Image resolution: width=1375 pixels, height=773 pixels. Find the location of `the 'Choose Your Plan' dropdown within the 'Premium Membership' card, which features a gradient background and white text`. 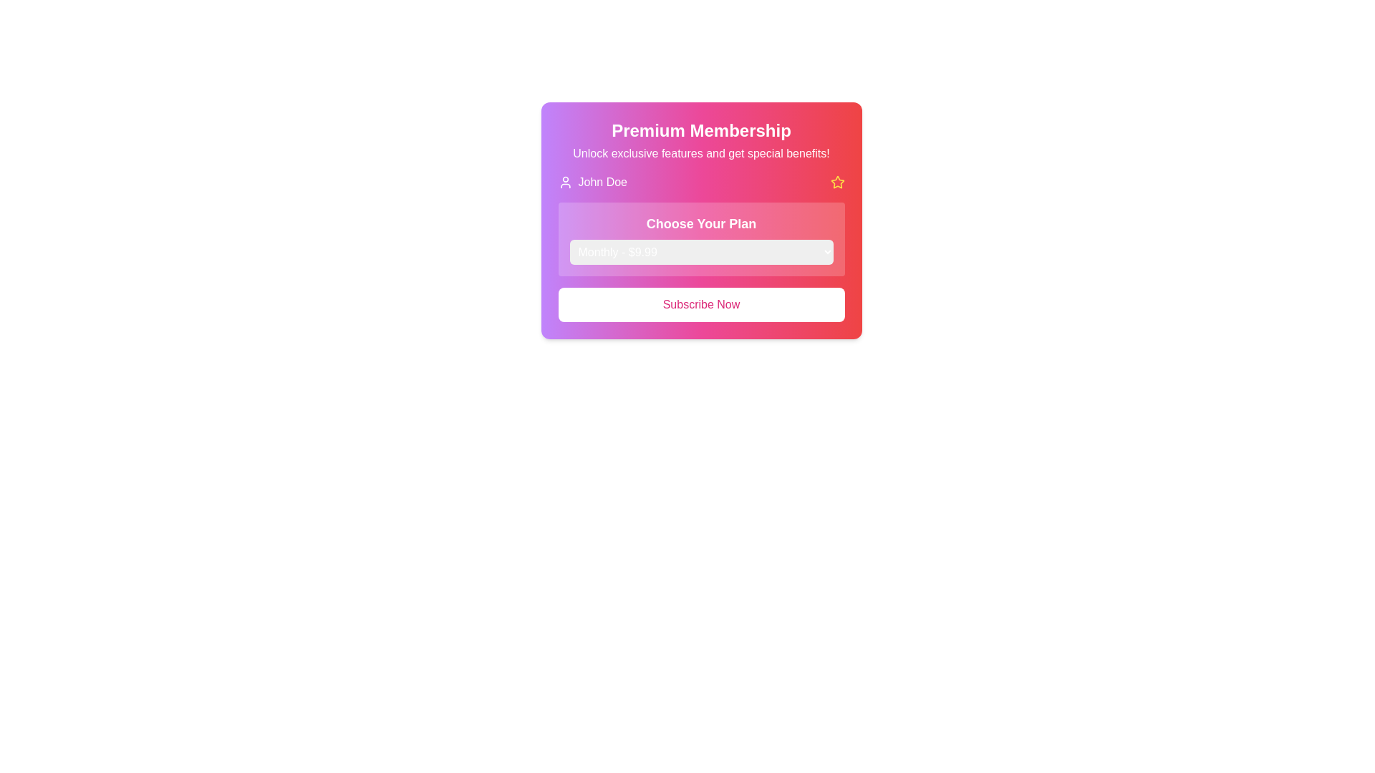

the 'Choose Your Plan' dropdown within the 'Premium Membership' card, which features a gradient background and white text is located at coordinates (701, 220).